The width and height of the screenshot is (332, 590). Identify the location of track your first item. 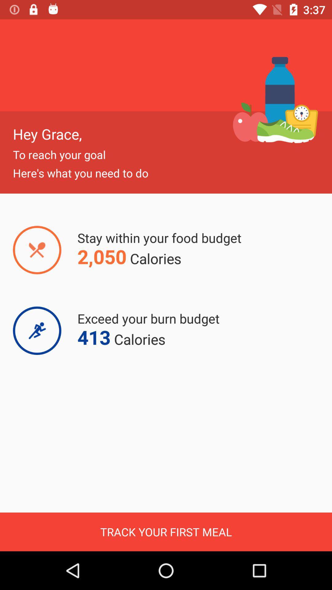
(166, 532).